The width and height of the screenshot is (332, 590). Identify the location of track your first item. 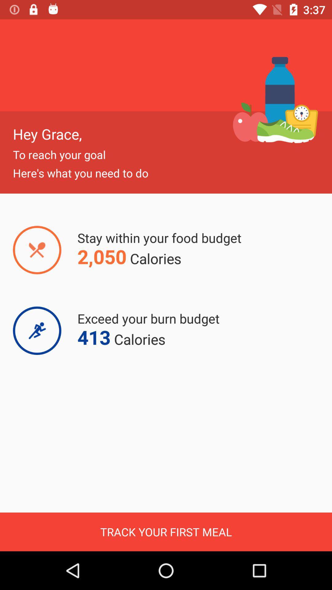
(166, 532).